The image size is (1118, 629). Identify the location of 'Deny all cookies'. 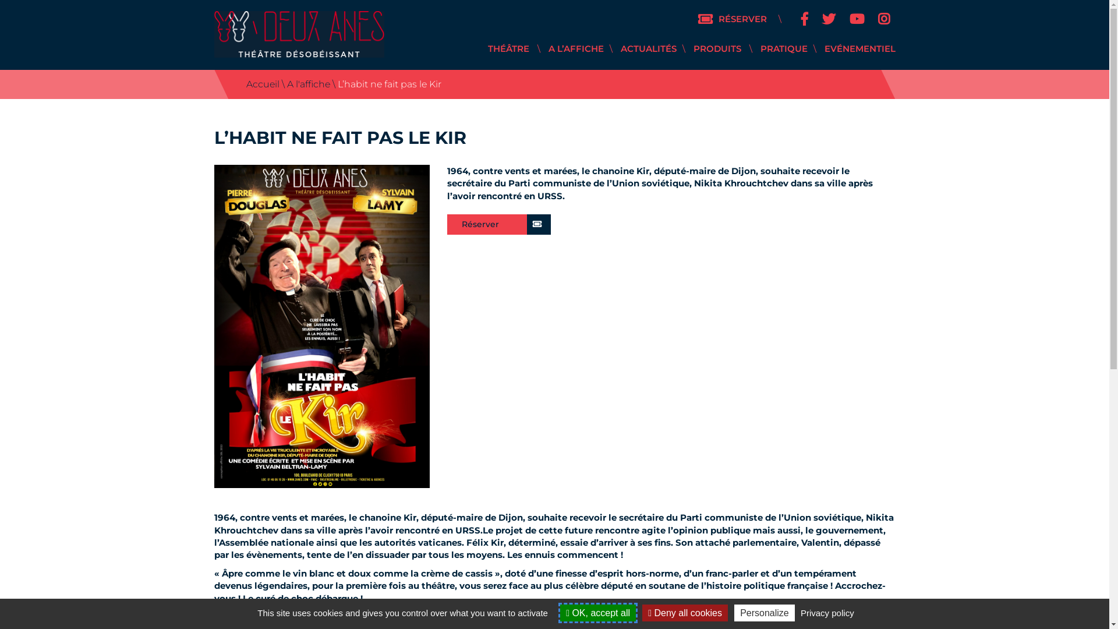
(685, 612).